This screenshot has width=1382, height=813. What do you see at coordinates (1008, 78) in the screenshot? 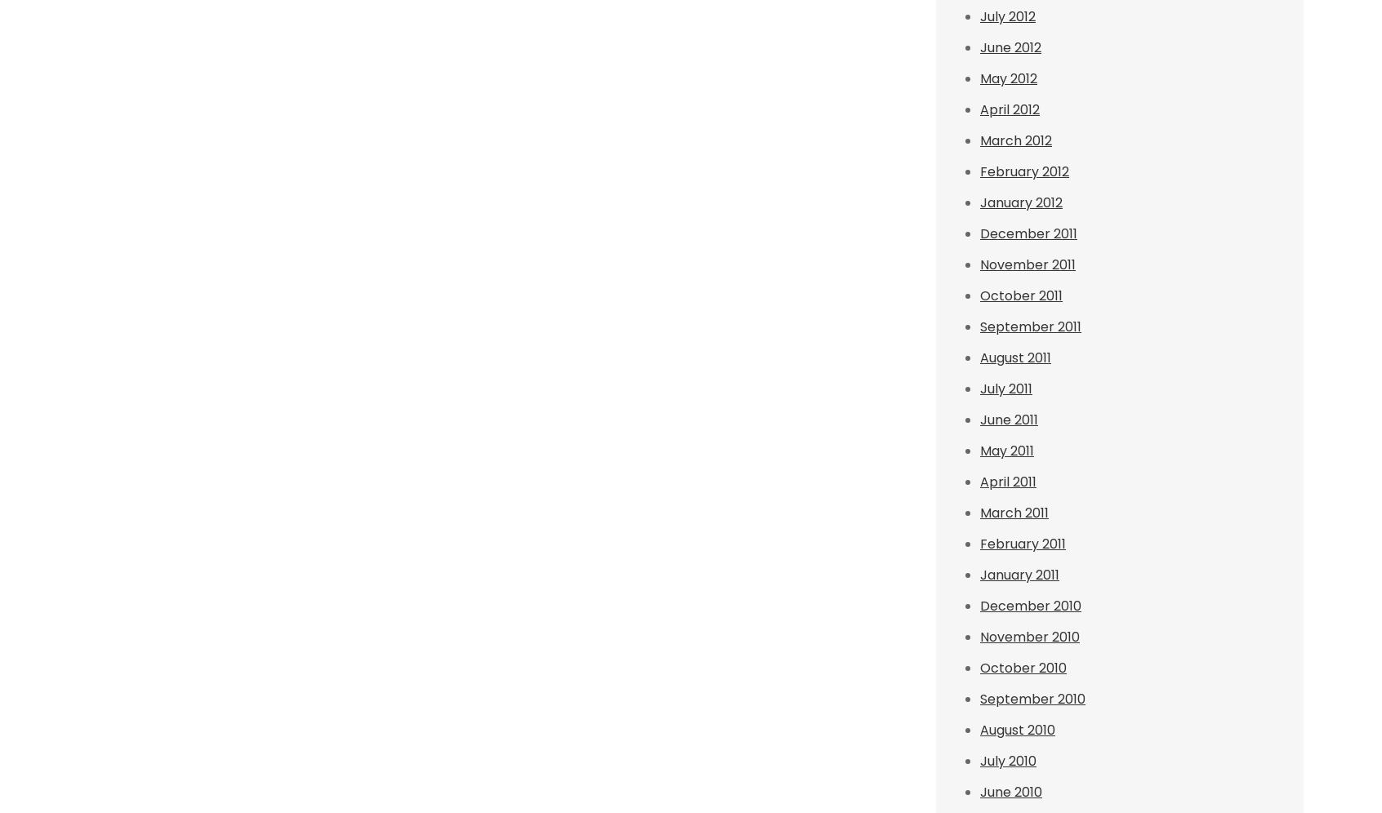
I see `'May 2012'` at bounding box center [1008, 78].